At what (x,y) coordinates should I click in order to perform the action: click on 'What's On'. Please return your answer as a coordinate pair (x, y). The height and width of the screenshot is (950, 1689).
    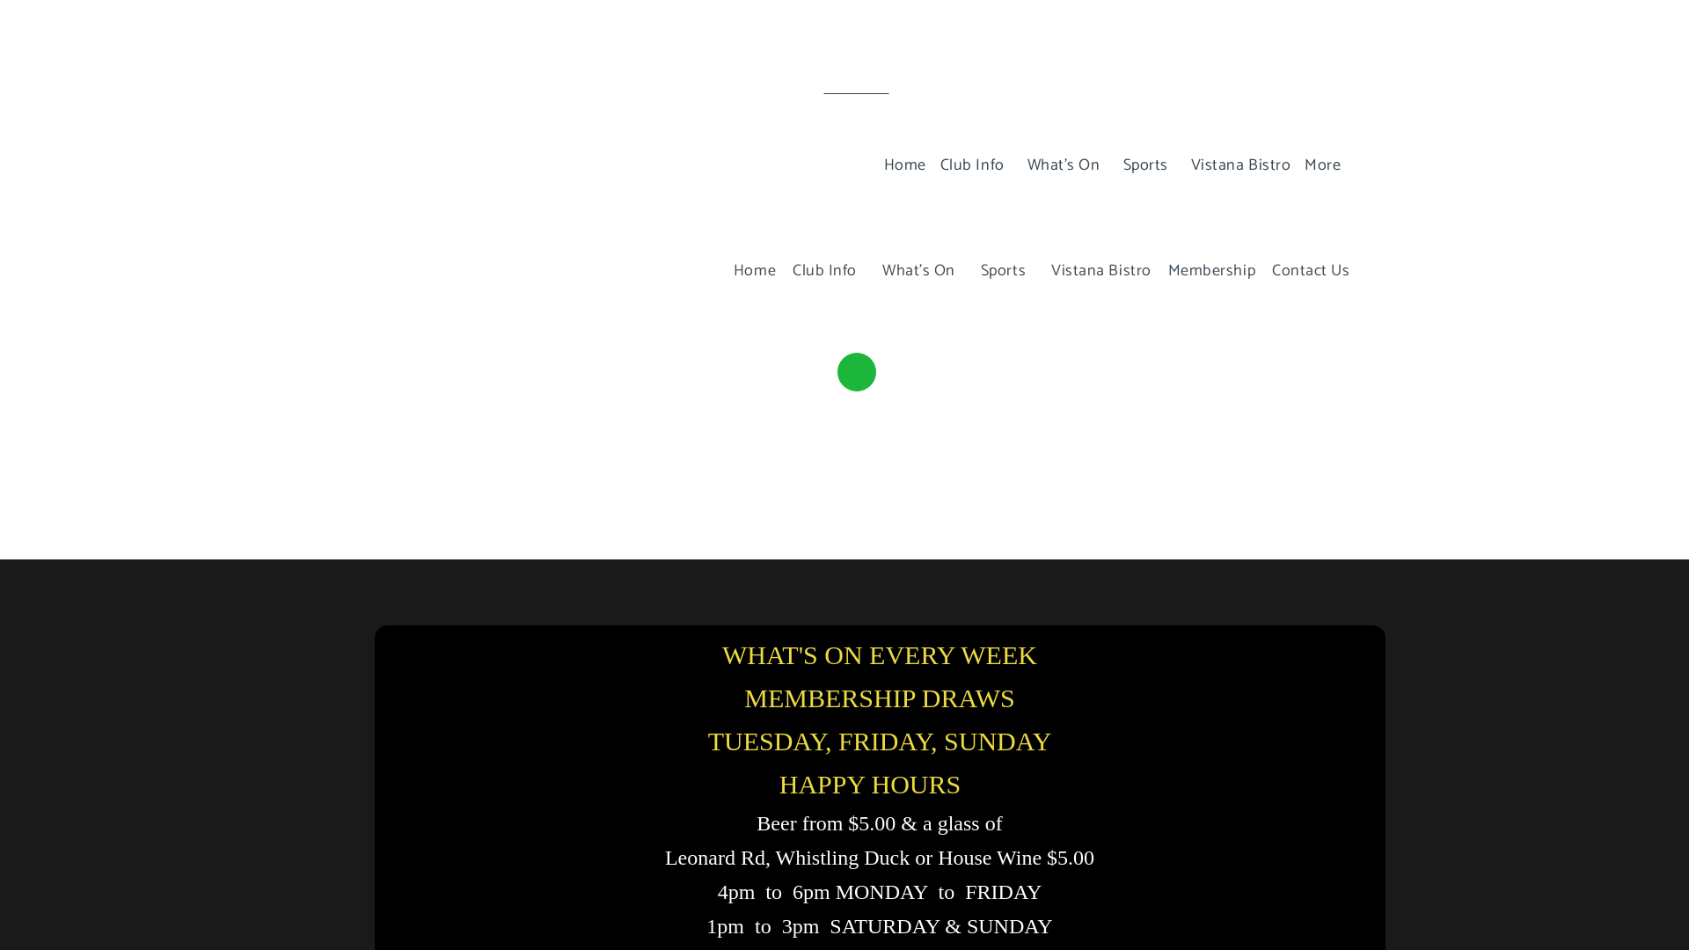
    Looking at the image, I should click on (1013, 165).